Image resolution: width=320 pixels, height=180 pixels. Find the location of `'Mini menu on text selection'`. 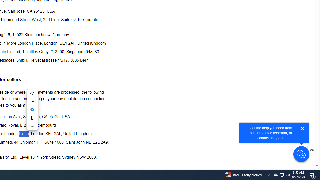

'Mini menu on text selection' is located at coordinates (32, 109).